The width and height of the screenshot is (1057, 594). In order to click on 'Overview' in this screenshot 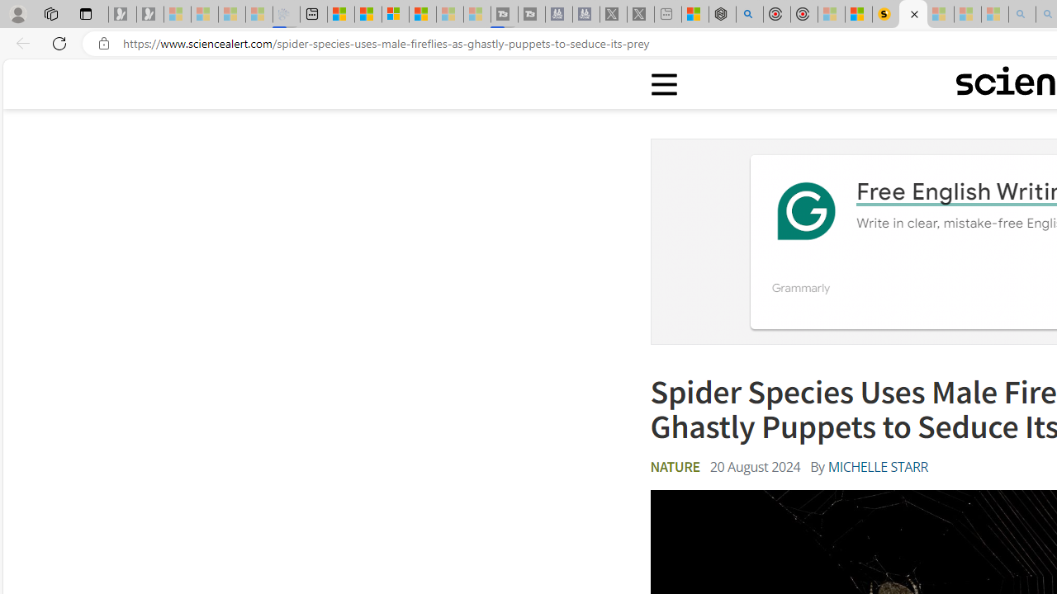, I will do `click(395, 14)`.